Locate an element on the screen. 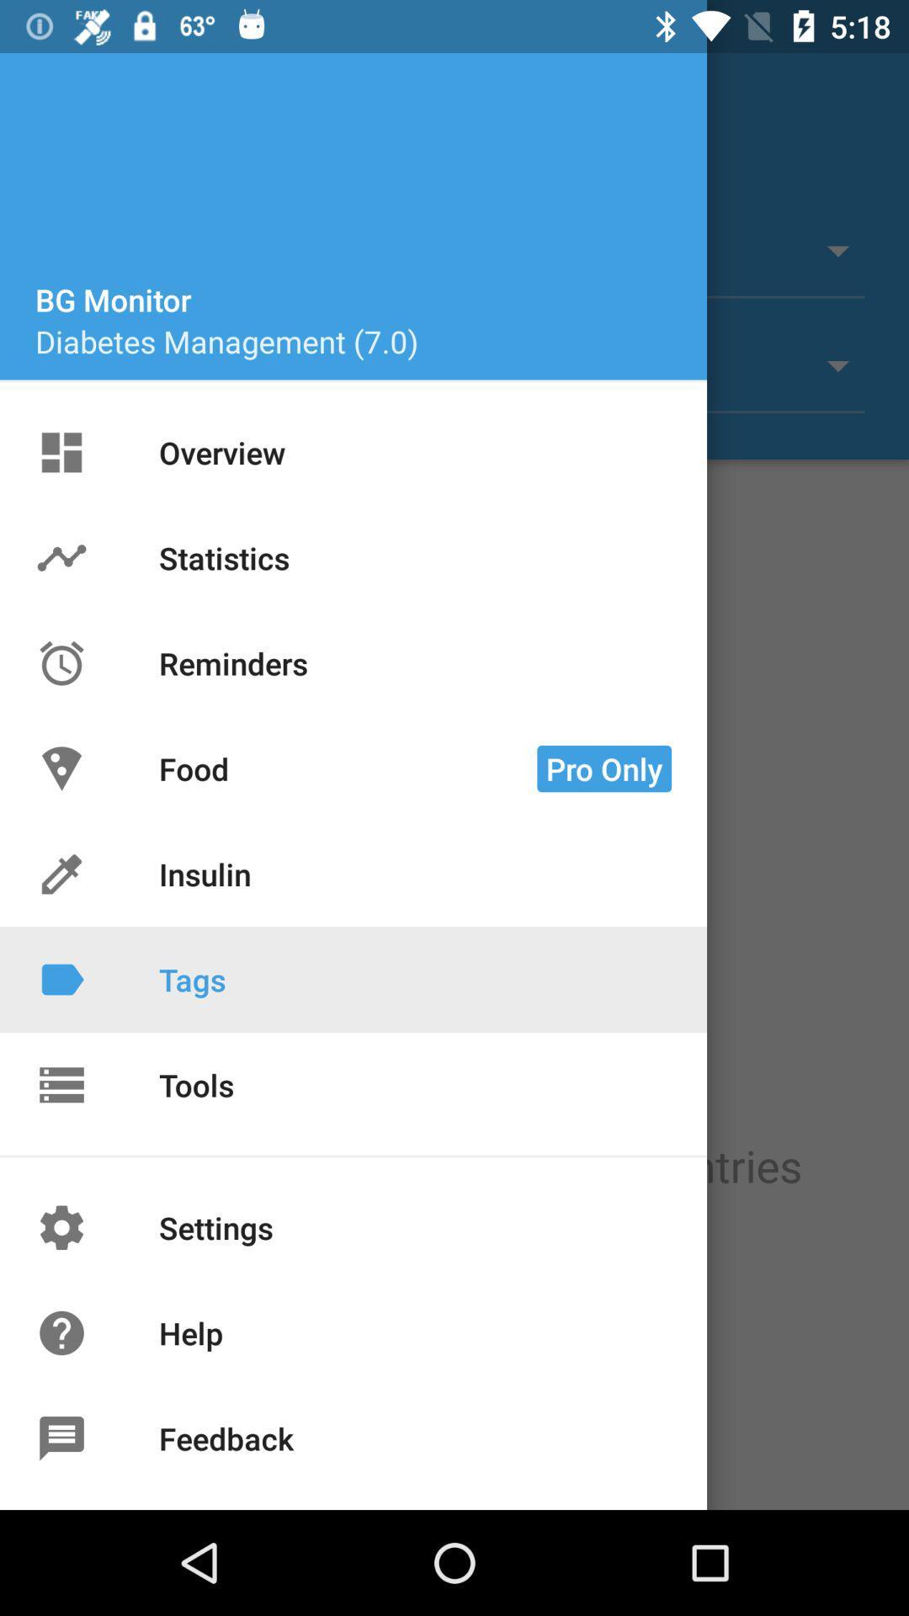  overview icon is located at coordinates (61, 452).